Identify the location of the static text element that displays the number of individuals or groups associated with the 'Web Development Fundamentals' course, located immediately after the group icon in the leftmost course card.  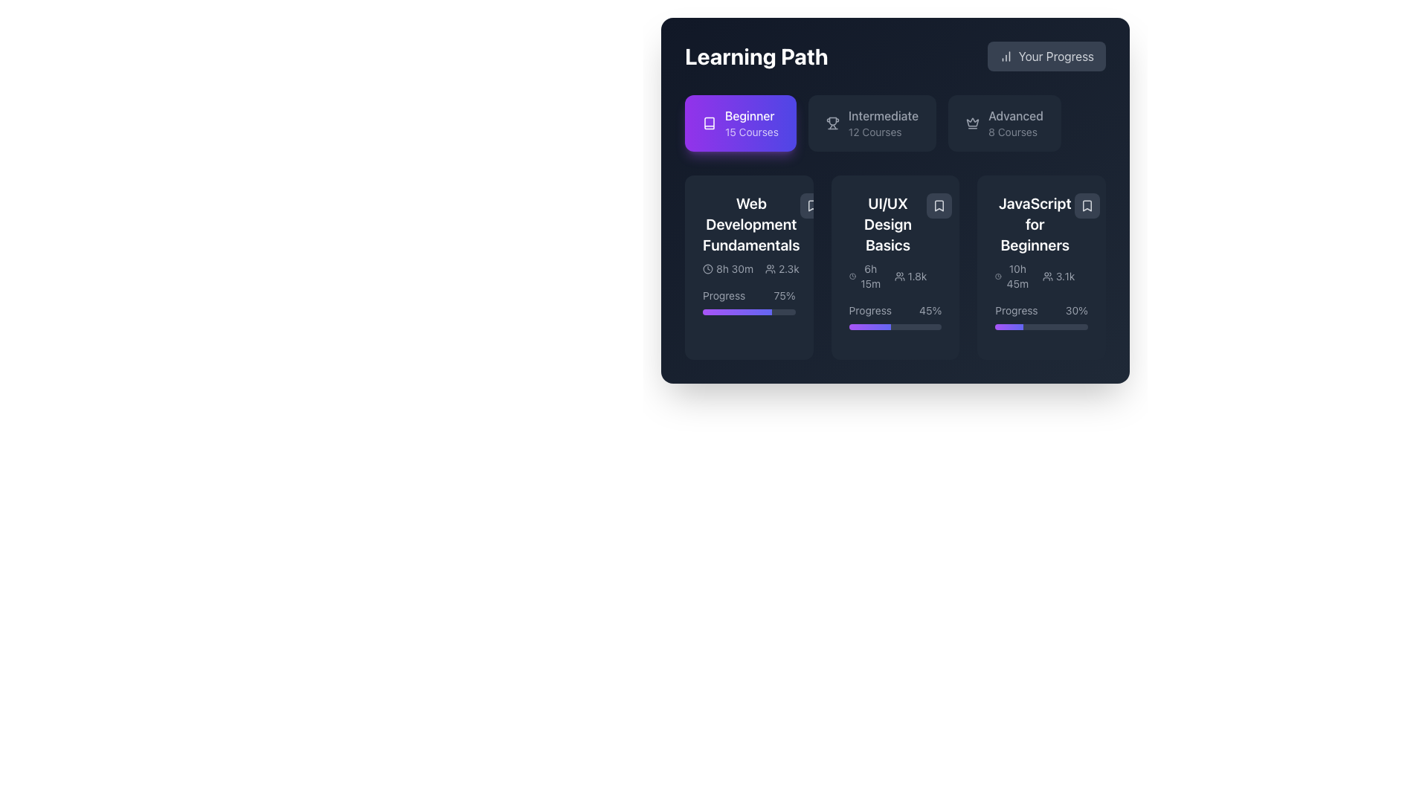
(788, 269).